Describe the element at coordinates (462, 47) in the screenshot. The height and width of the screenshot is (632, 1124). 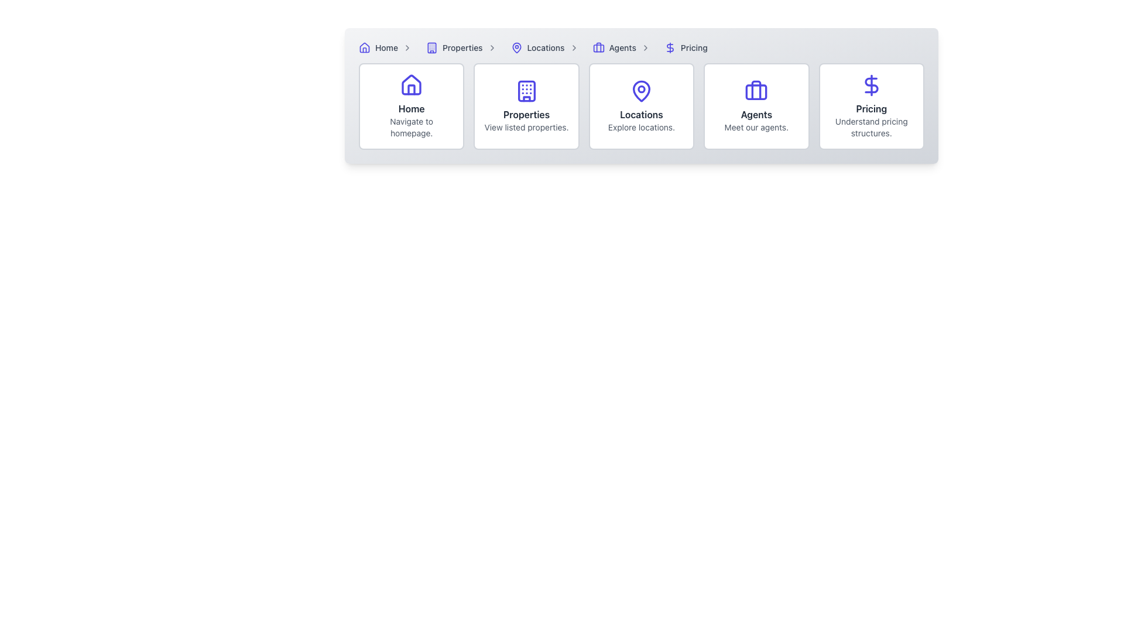
I see `the 'Properties' link element in the top navigation breadcrumb menu` at that location.